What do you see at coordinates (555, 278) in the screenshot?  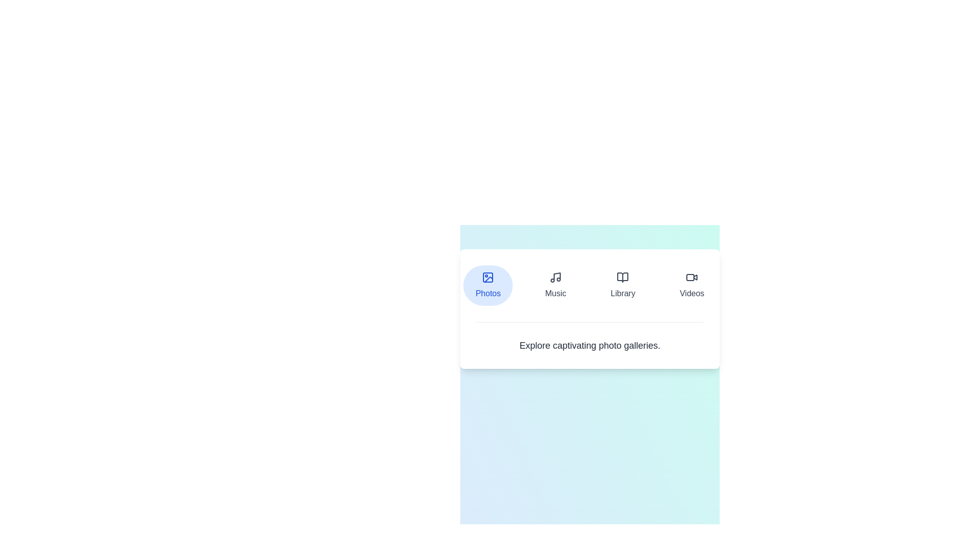 I see `the music navigation icon located second from the left in the menu bar` at bounding box center [555, 278].